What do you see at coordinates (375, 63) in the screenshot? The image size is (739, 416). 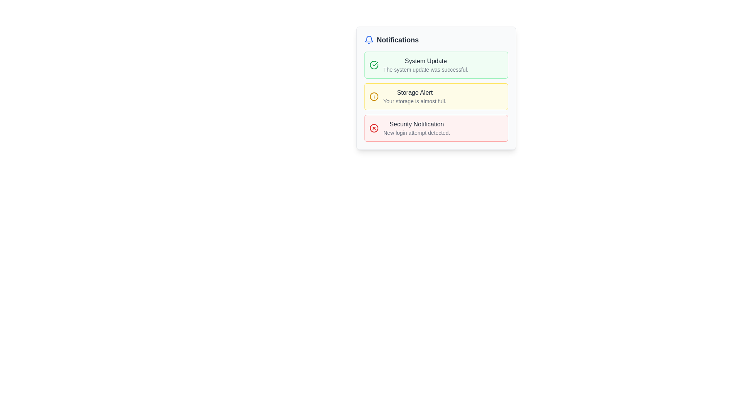 I see `the checkmark icon that indicates the success status of the system update notification, located in the first row of the notification list` at bounding box center [375, 63].